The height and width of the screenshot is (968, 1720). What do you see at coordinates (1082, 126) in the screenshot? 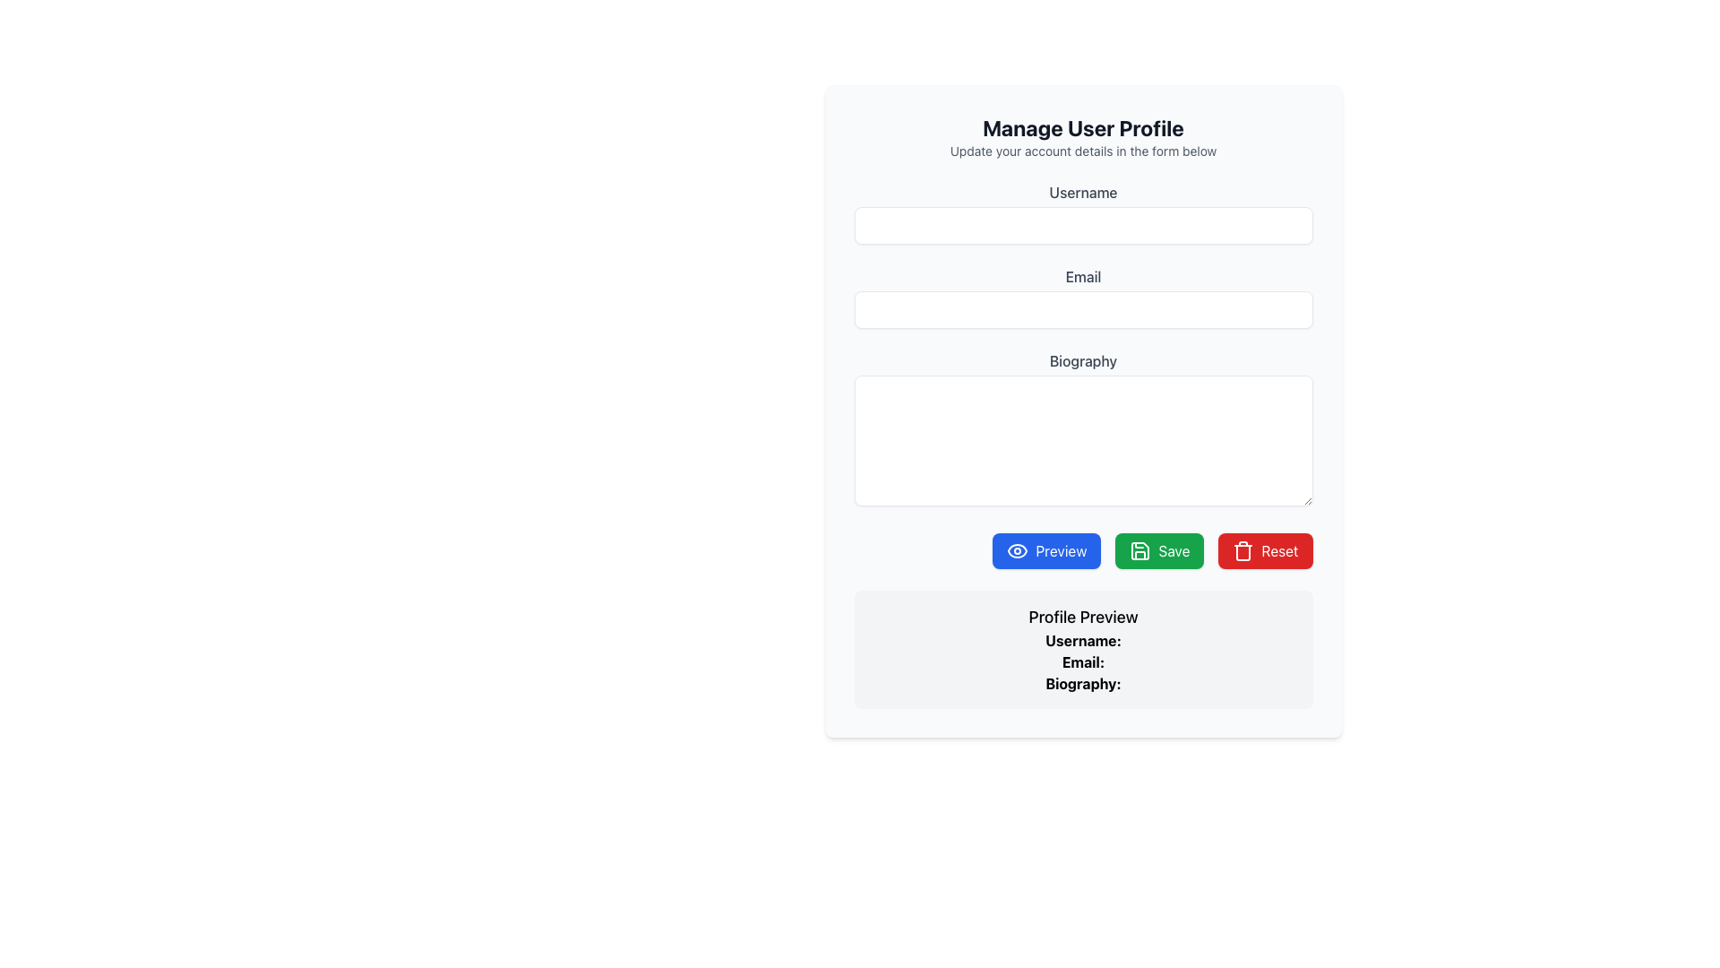
I see `the large, bold, centered text label reading 'Manage User Profile' located at the top of the content layout` at bounding box center [1082, 126].